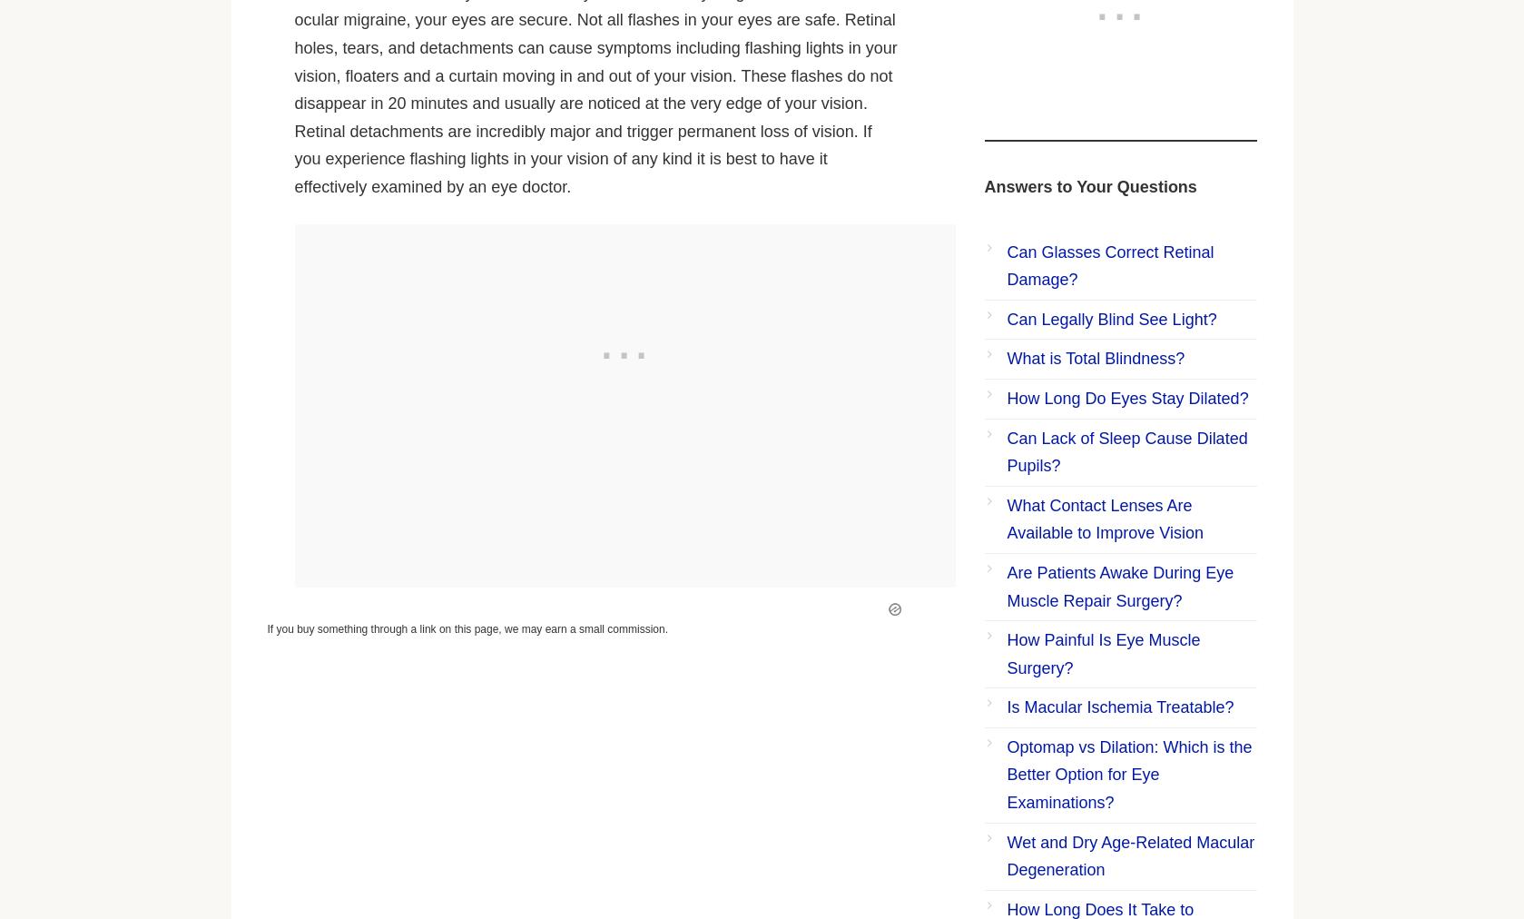 The height and width of the screenshot is (919, 1524). What do you see at coordinates (1108, 264) in the screenshot?
I see `'Can Glasses Correct Retinal Damage?'` at bounding box center [1108, 264].